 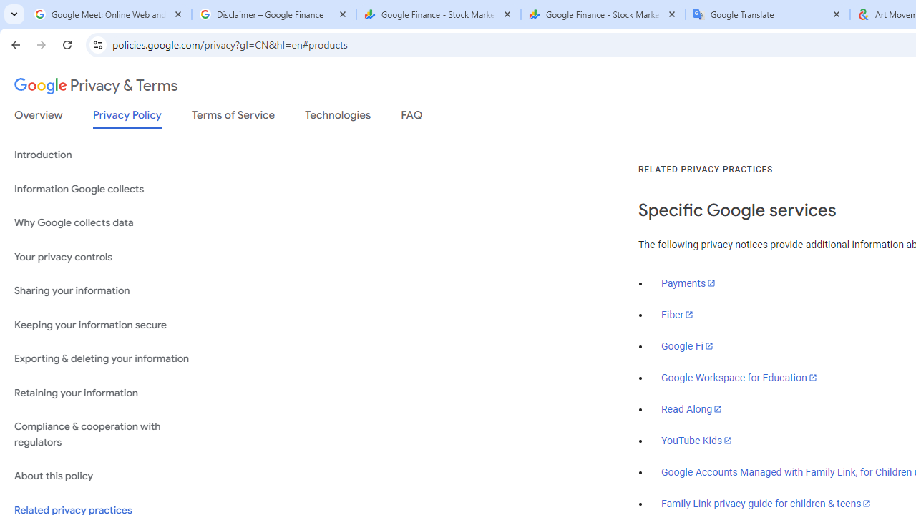 I want to click on 'Compliance & cooperation with regulators', so click(x=108, y=434).